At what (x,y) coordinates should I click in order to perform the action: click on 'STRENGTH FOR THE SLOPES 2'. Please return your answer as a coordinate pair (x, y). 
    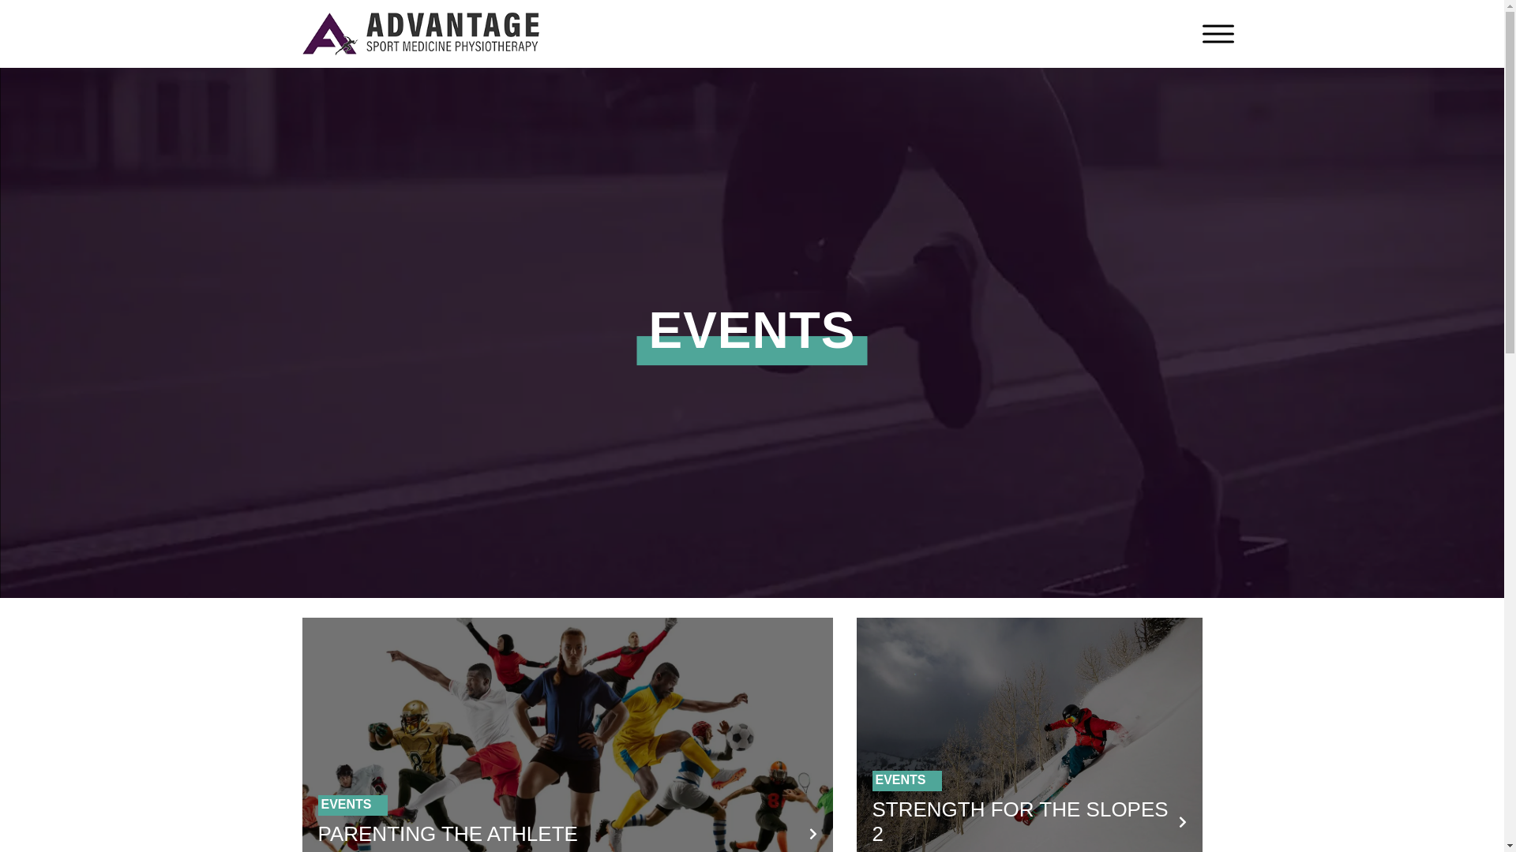
    Looking at the image, I should click on (1019, 820).